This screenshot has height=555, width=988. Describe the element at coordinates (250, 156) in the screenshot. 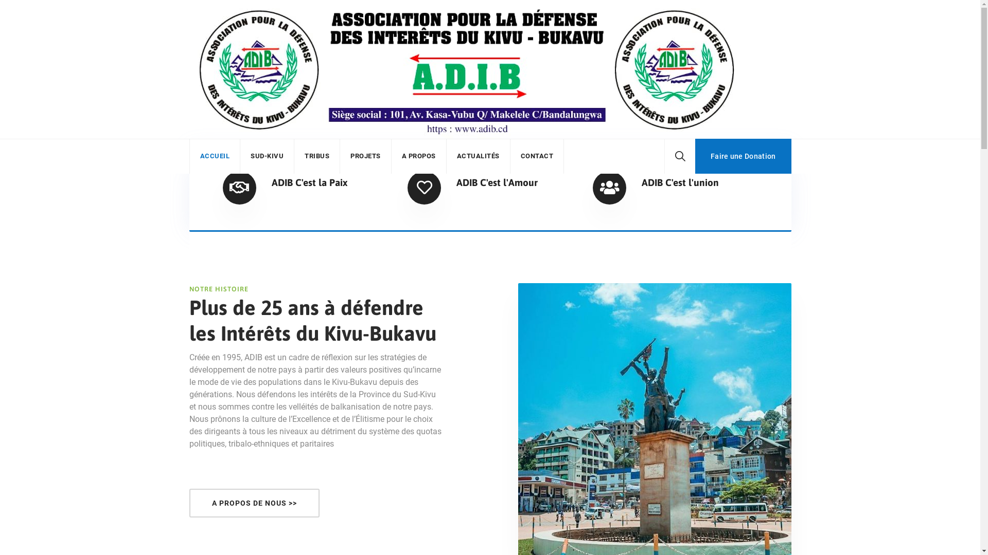

I see `'SUD-KIVU'` at that location.